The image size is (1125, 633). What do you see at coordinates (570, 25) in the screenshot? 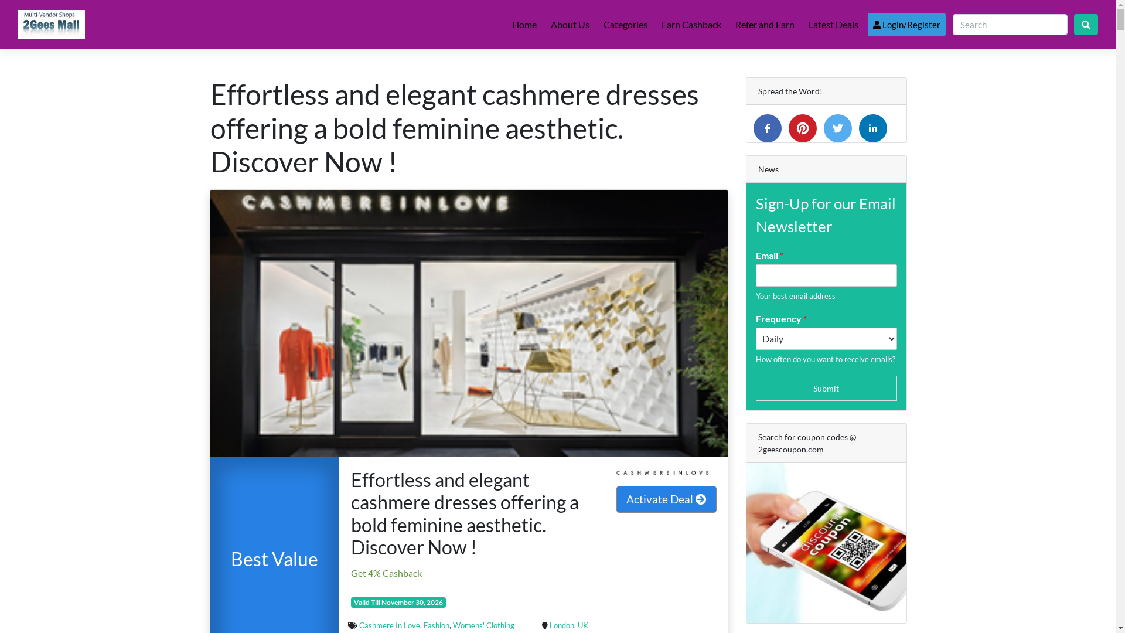
I see `'About Us'` at bounding box center [570, 25].